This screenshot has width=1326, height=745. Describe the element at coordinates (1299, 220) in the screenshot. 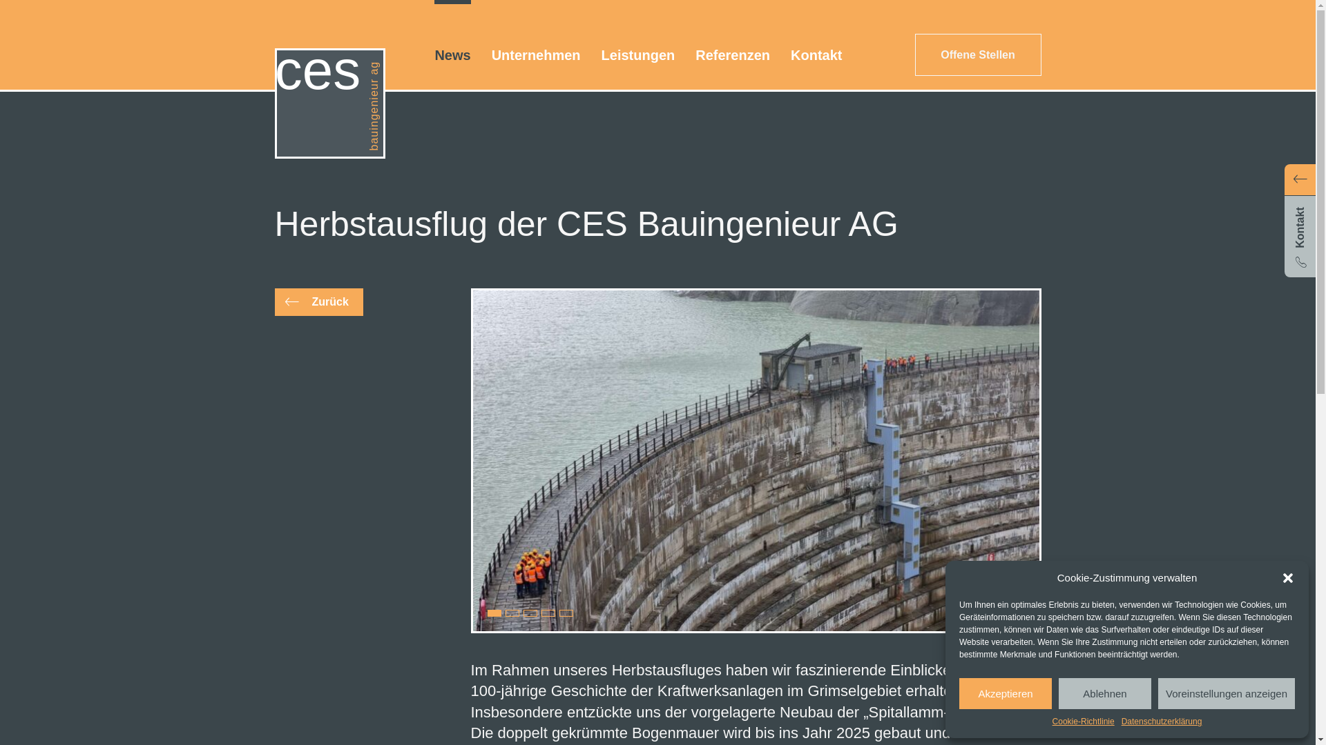

I see `'Kontakt'` at that location.